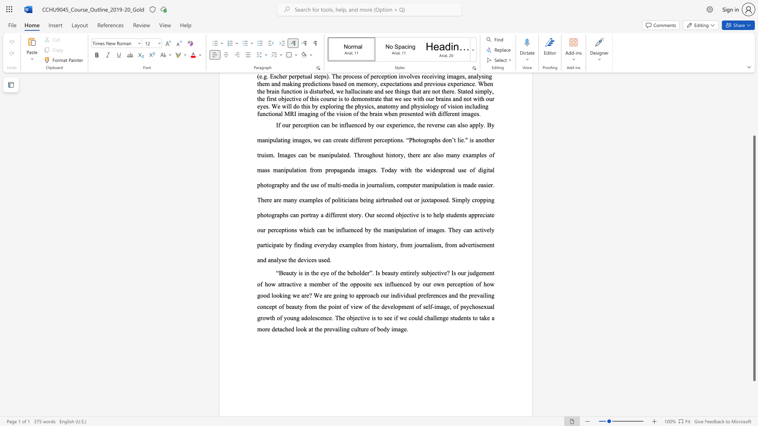 The height and width of the screenshot is (426, 758). Describe the element at coordinates (754, 258) in the screenshot. I see `the scrollbar and move down 90 pixels` at that location.